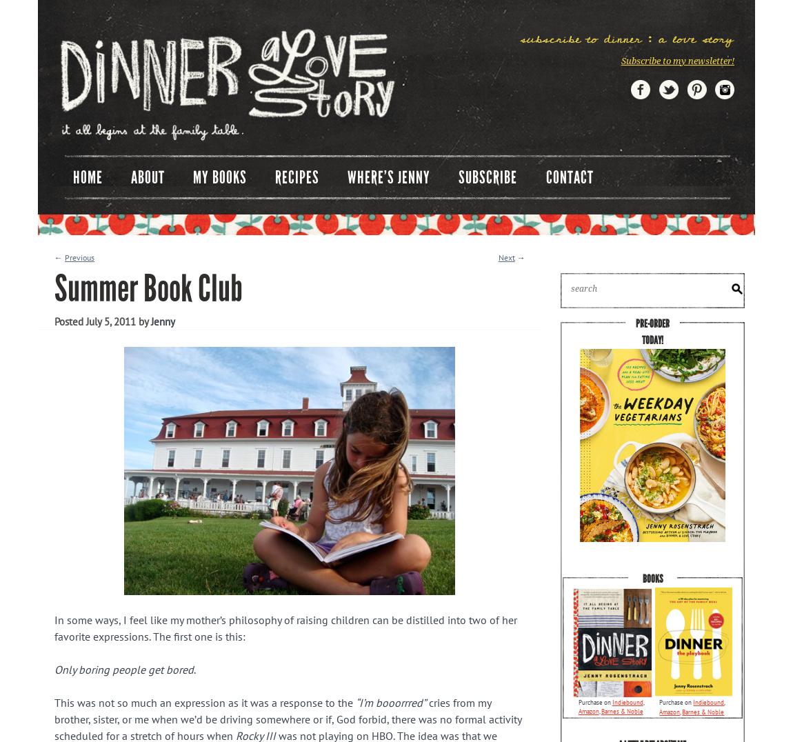 This screenshot has width=793, height=742. Describe the element at coordinates (505, 257) in the screenshot. I see `'Next'` at that location.